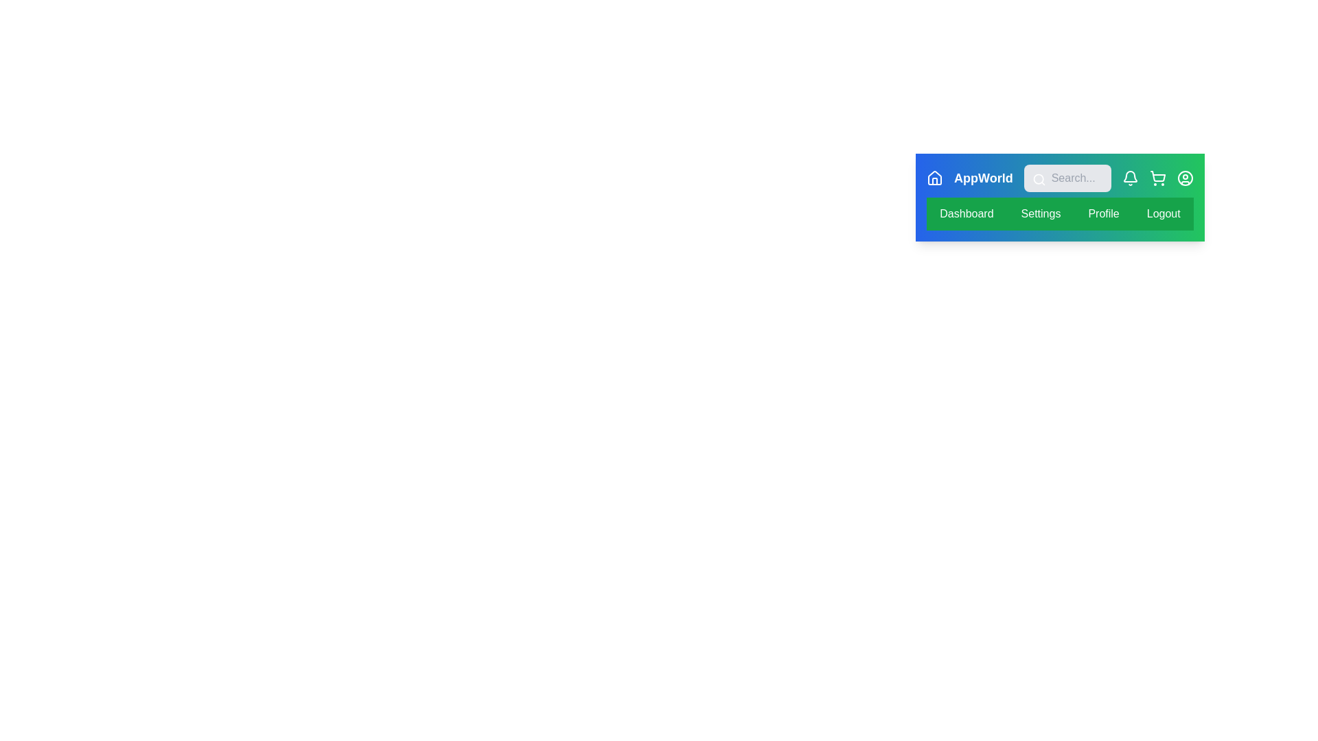 The width and height of the screenshot is (1318, 741). Describe the element at coordinates (1067, 177) in the screenshot. I see `the search input field and type the query 'example query'` at that location.